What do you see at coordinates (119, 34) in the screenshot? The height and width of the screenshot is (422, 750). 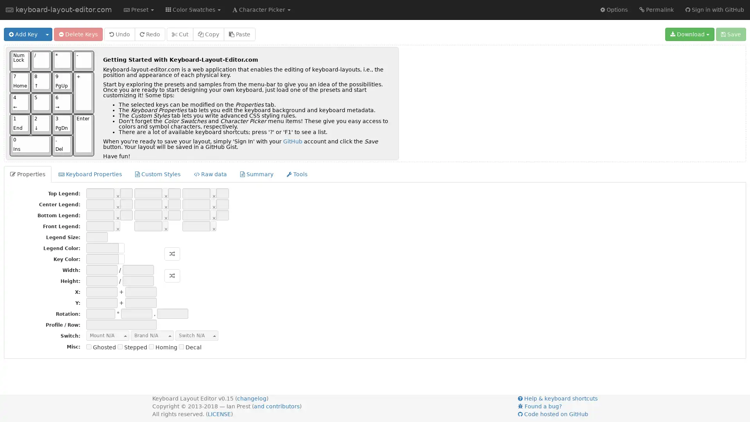 I see `Undo` at bounding box center [119, 34].